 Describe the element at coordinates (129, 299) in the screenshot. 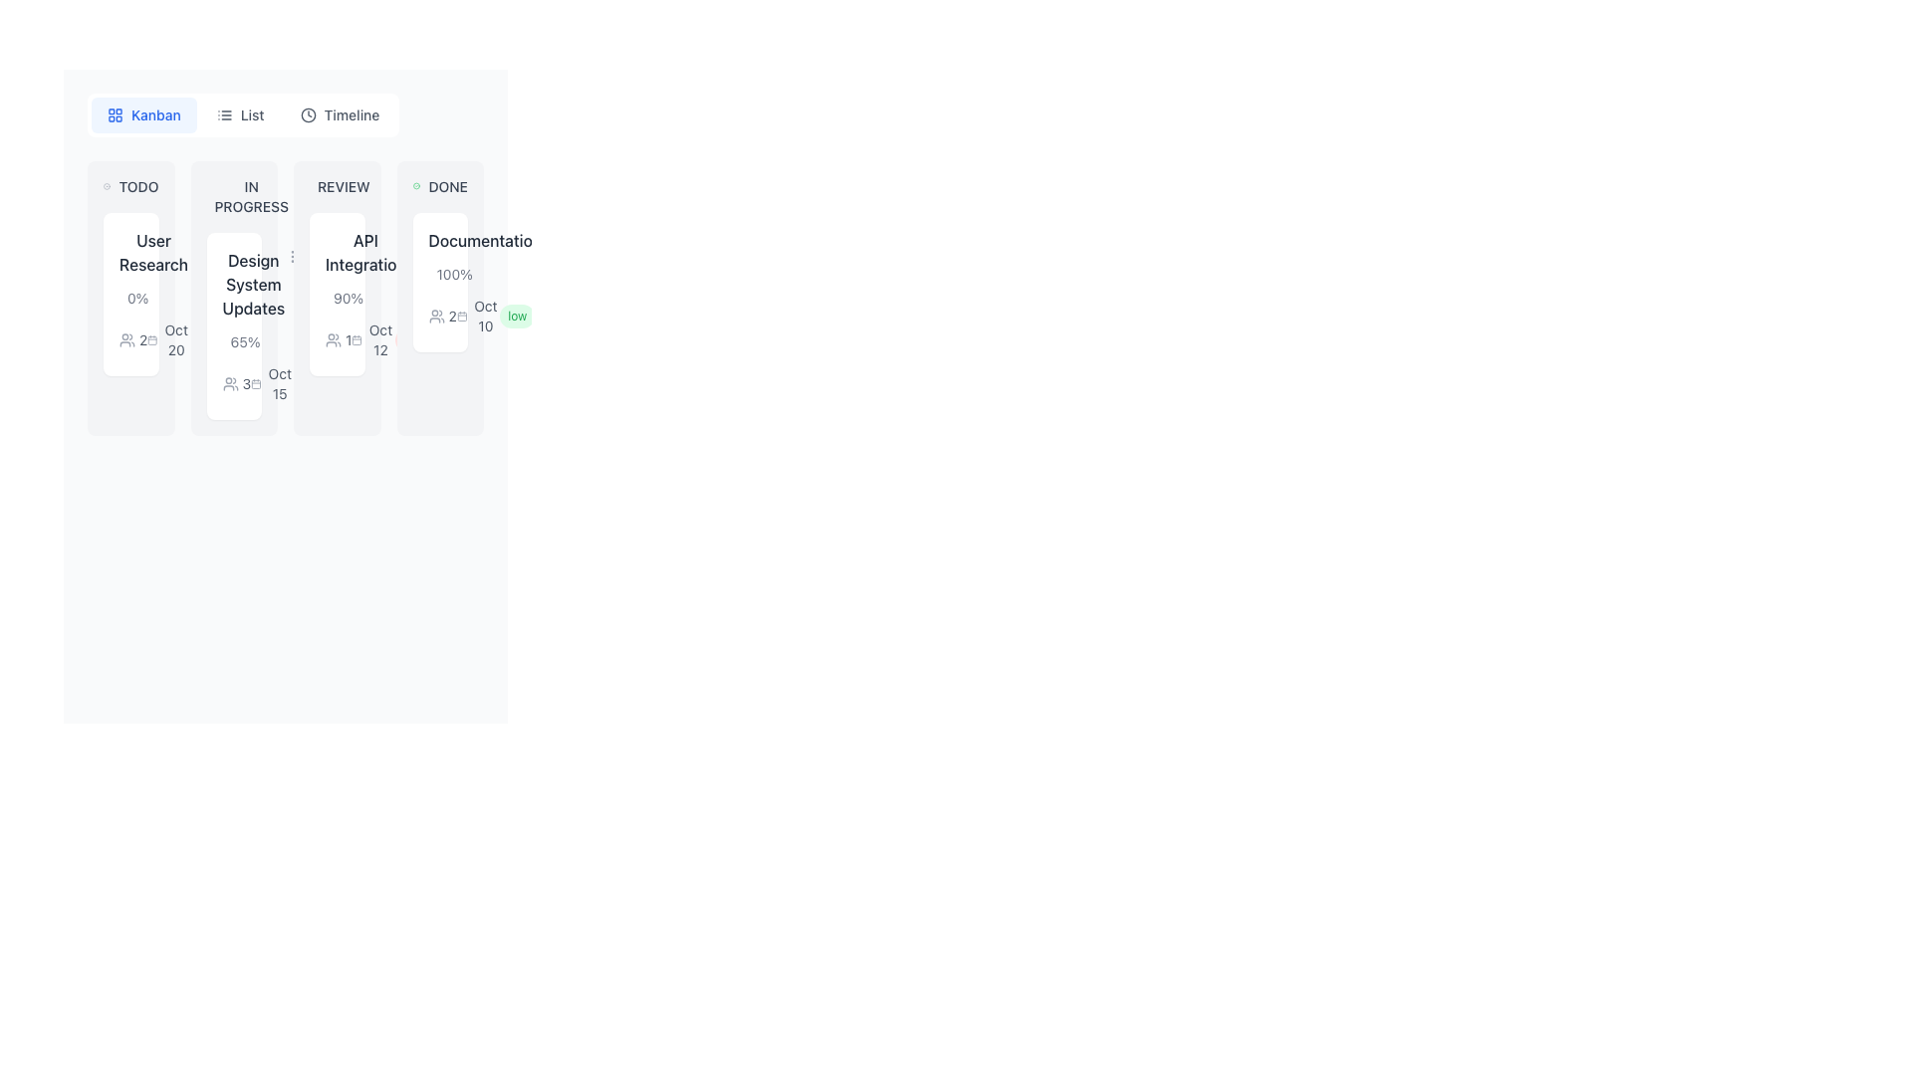

I see `the first task card in the Kanban board located under the 'TODO' column, which visually represents a task's progress and details` at that location.